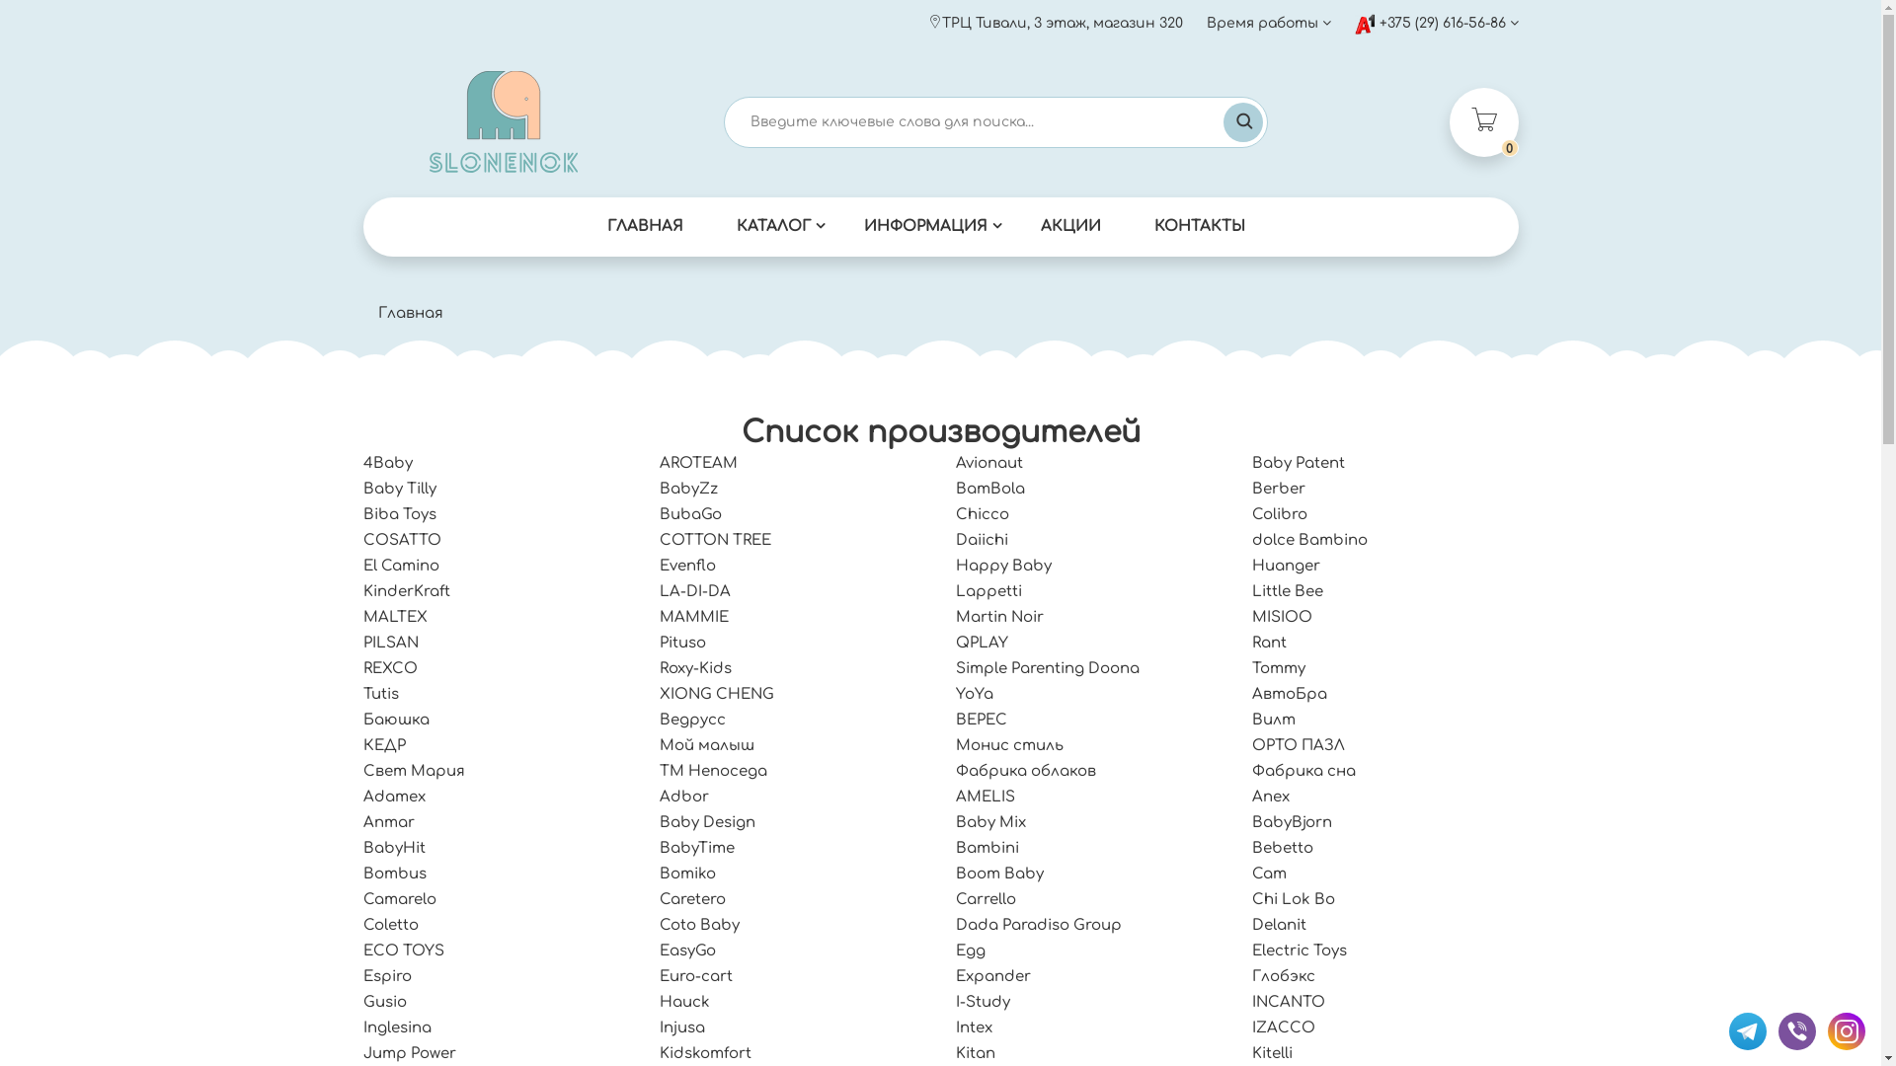 Image resolution: width=1896 pixels, height=1066 pixels. I want to click on 'Biba Toys', so click(398, 513).